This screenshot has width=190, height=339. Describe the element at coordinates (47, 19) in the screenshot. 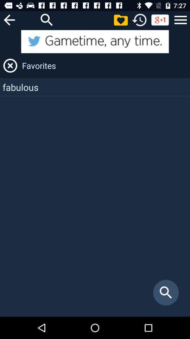

I see `search option` at that location.